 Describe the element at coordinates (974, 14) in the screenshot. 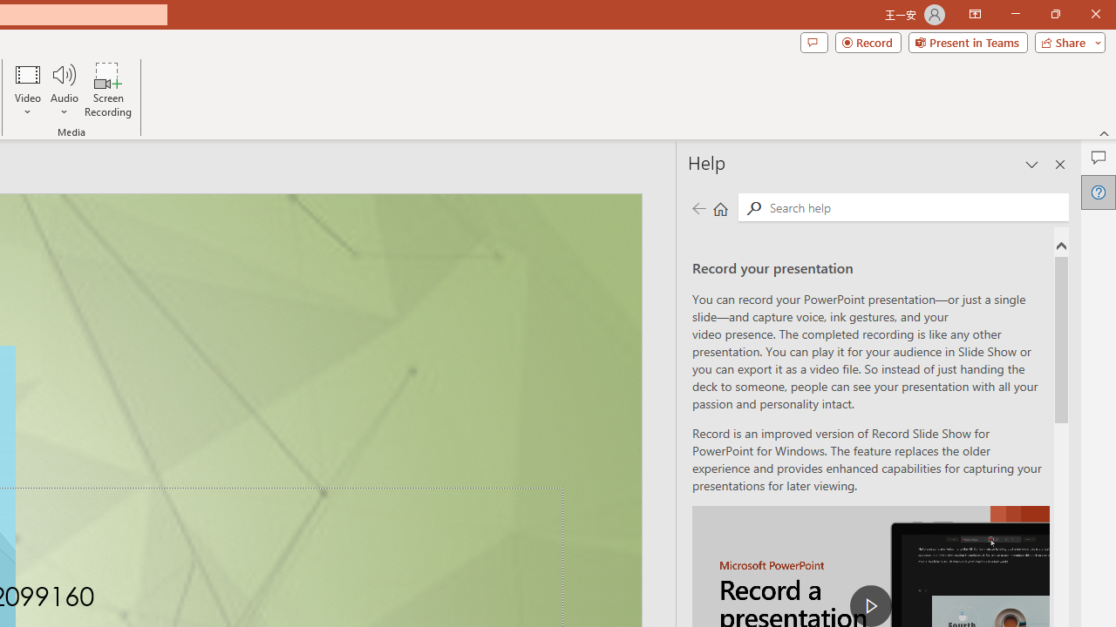

I see `'Ribbon Display Options'` at that location.